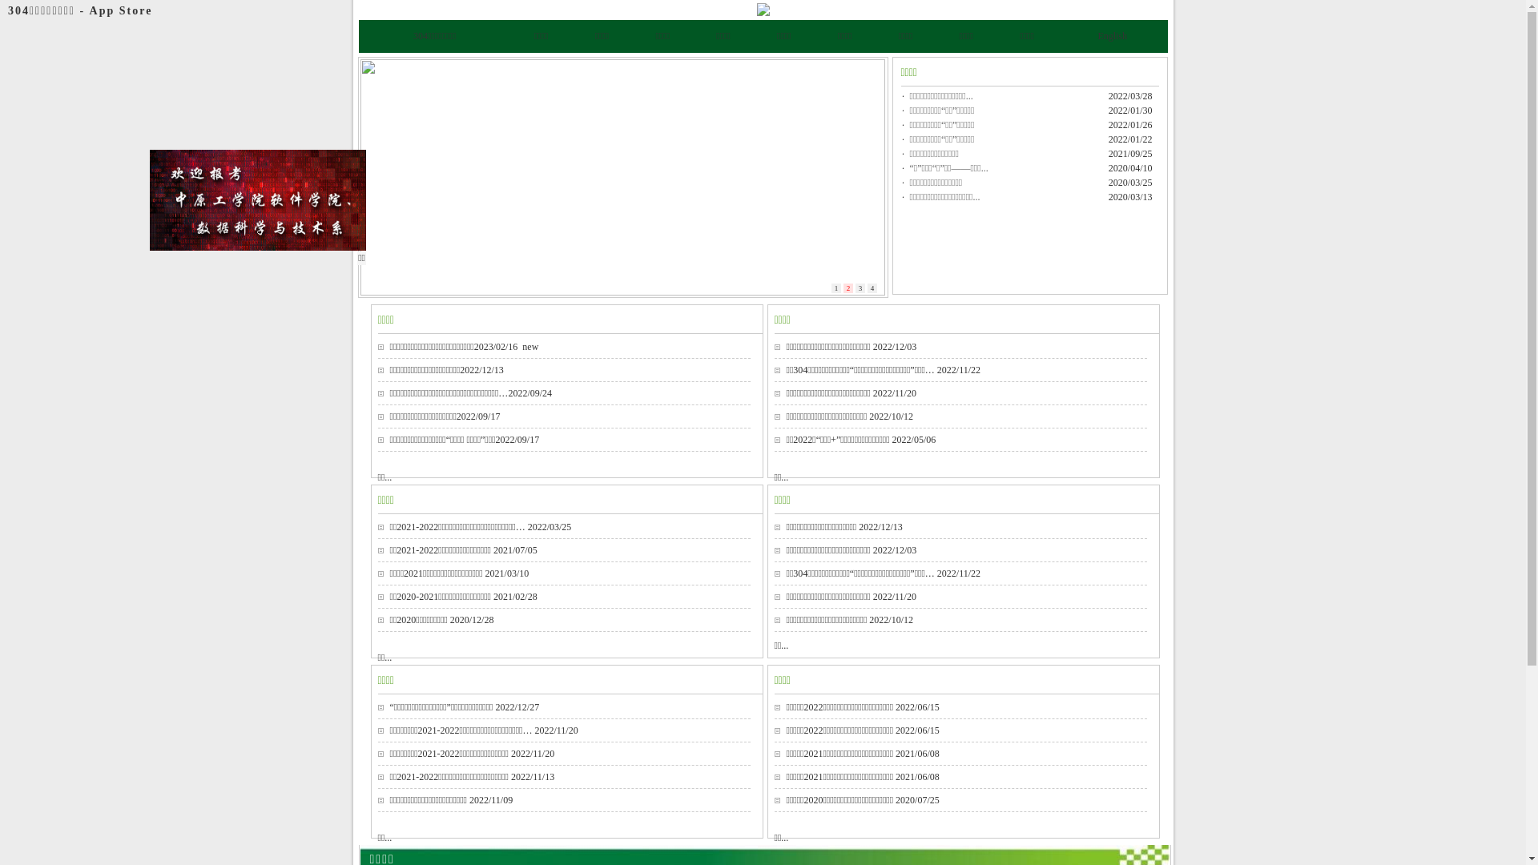 This screenshot has height=865, width=1538. Describe the element at coordinates (1094, 36) in the screenshot. I see `' English '` at that location.